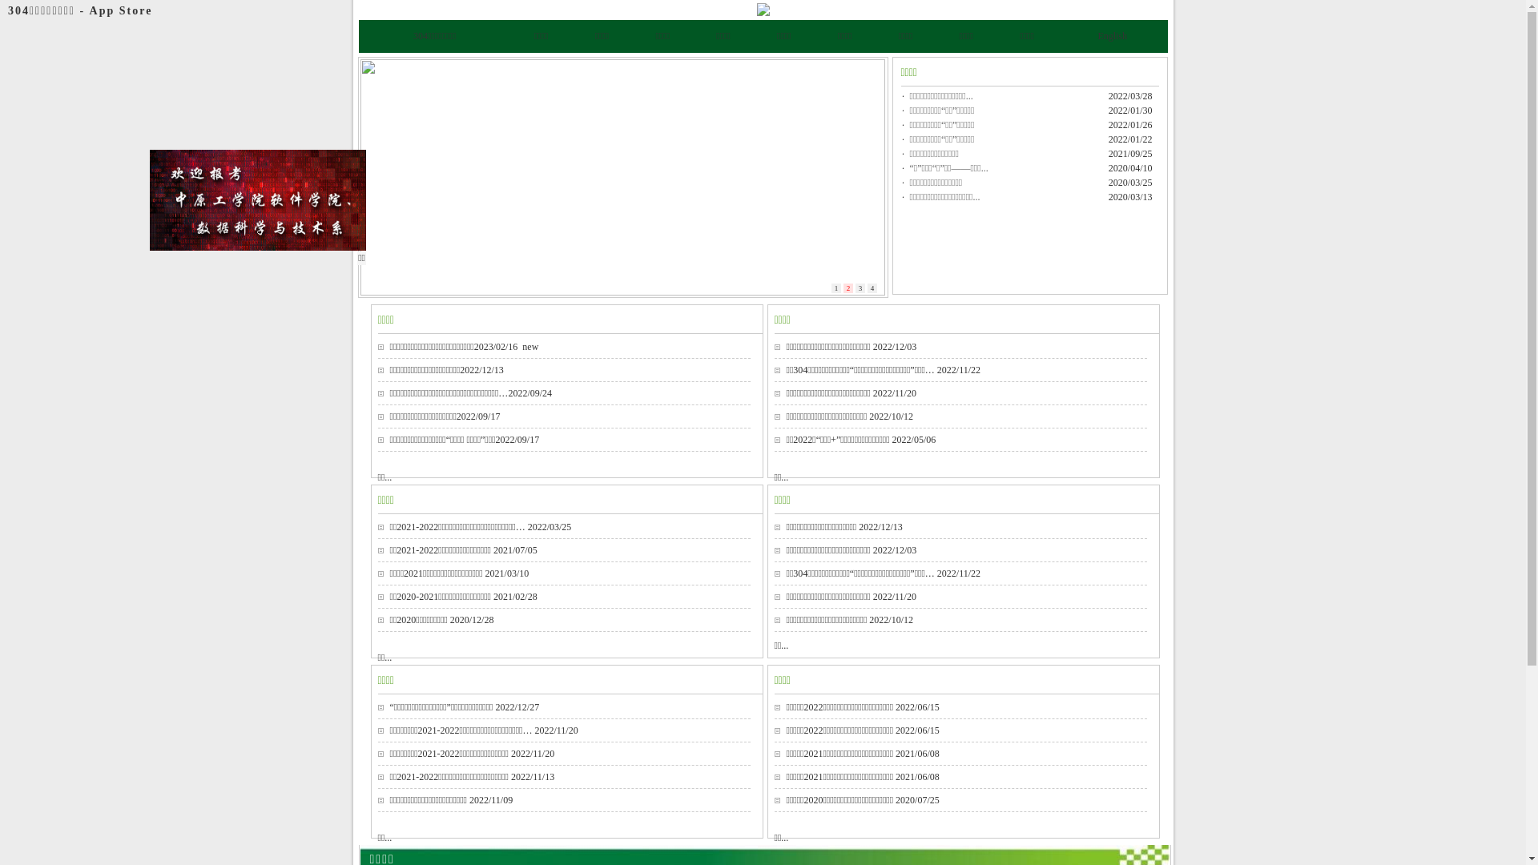 This screenshot has height=865, width=1538. Describe the element at coordinates (1094, 36) in the screenshot. I see `' English '` at that location.